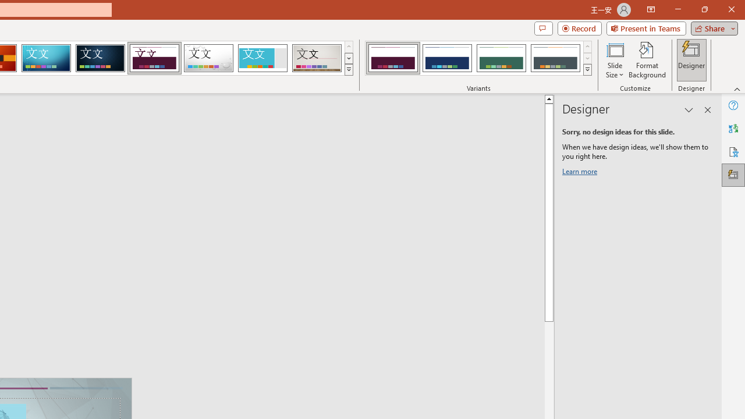 Image resolution: width=745 pixels, height=419 pixels. Describe the element at coordinates (208, 58) in the screenshot. I see `'Droplet'` at that location.